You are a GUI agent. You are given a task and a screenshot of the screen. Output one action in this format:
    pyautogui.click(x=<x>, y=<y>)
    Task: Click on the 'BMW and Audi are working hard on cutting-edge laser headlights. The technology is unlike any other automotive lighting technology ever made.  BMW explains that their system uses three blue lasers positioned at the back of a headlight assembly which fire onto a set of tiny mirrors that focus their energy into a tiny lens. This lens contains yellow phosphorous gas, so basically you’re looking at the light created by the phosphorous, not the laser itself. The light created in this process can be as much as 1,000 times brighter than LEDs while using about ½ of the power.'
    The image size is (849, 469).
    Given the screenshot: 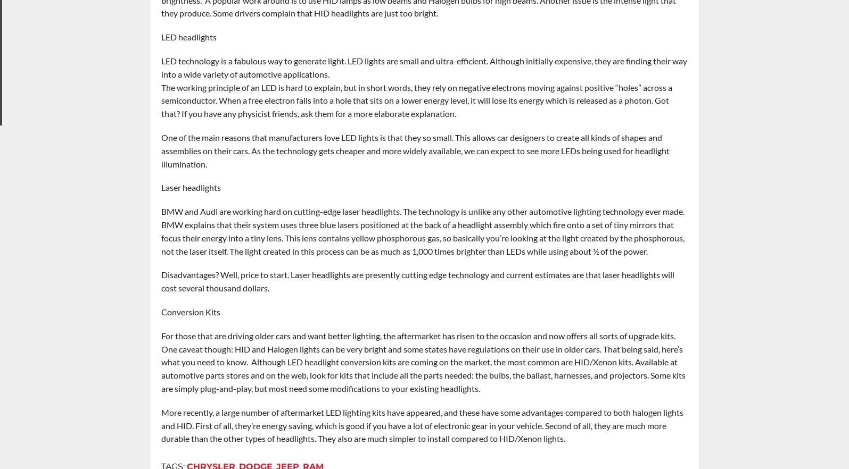 What is the action you would take?
    pyautogui.click(x=423, y=230)
    